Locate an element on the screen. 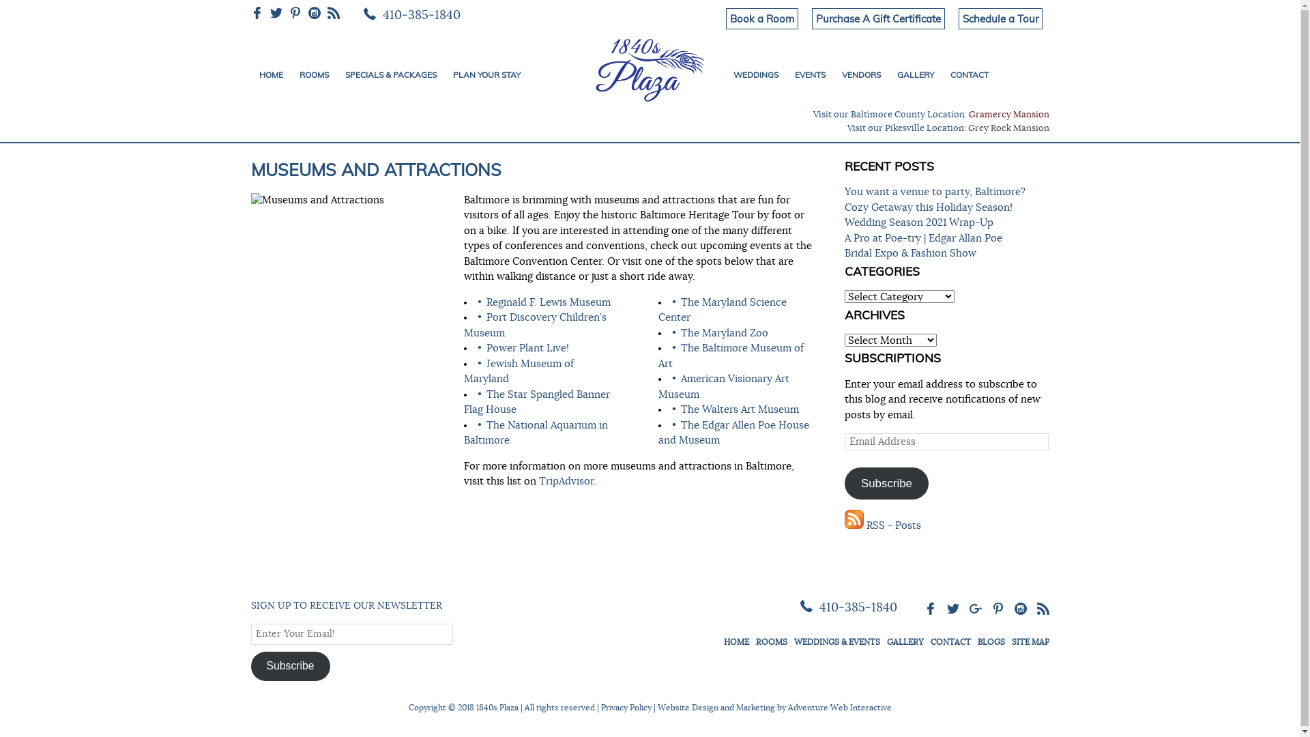 The width and height of the screenshot is (1310, 737). 'The Walters Art Museum' is located at coordinates (739, 409).